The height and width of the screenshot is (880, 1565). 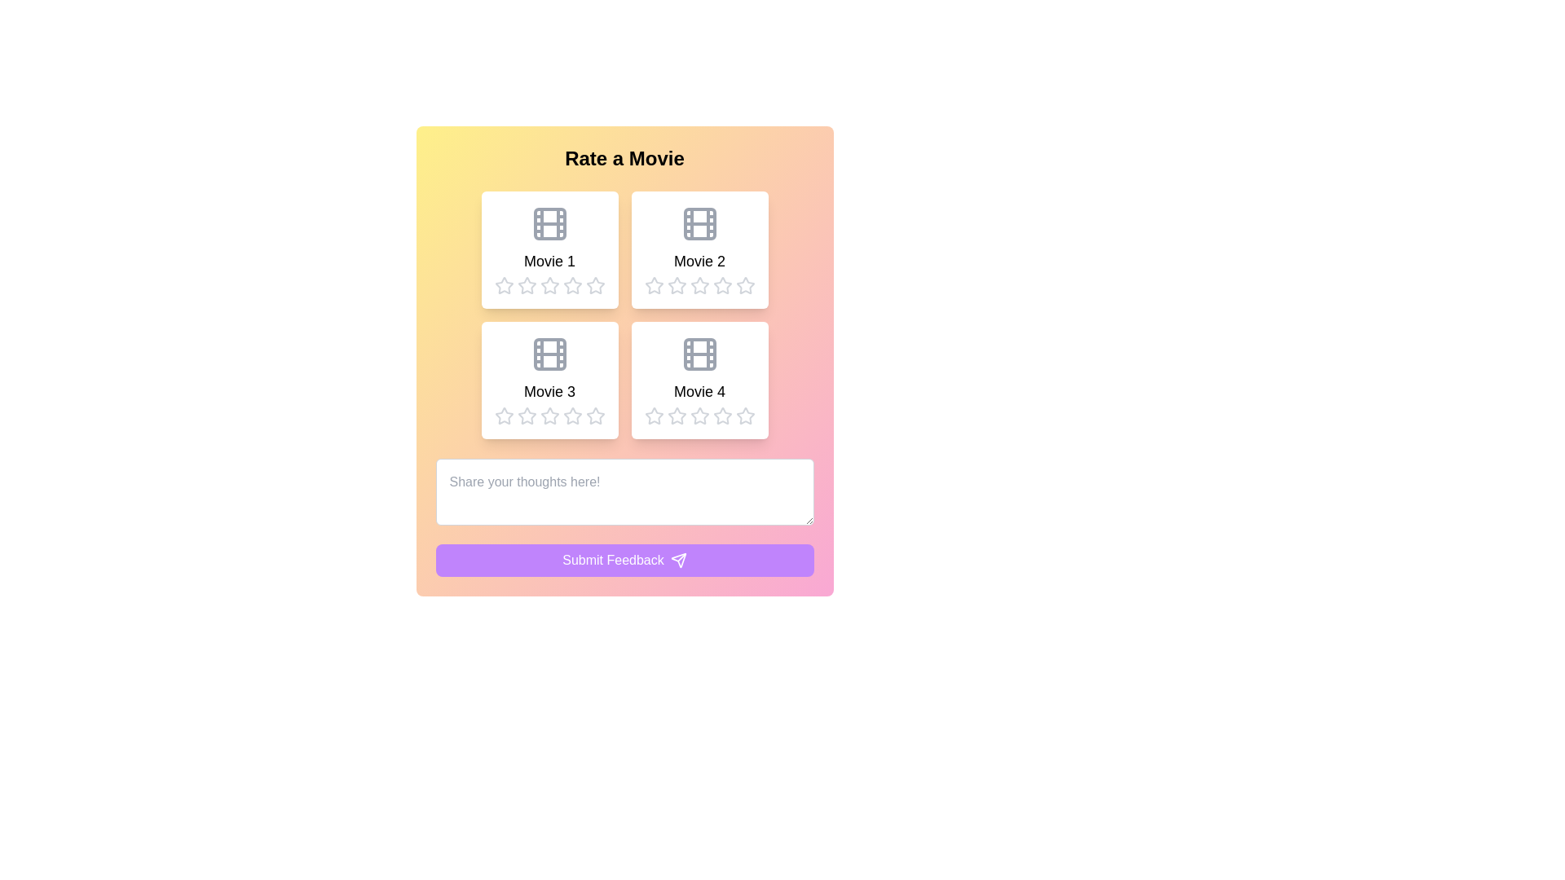 I want to click on the second star in the 5-star rating system, so click(x=594, y=284).